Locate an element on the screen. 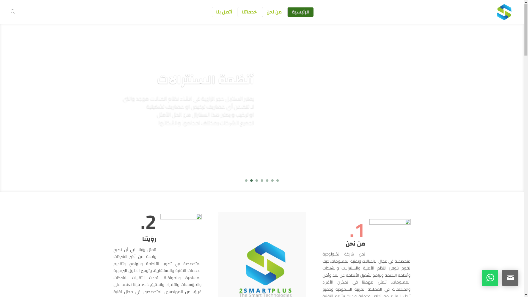 The image size is (528, 297). '2' is located at coordinates (272, 181).